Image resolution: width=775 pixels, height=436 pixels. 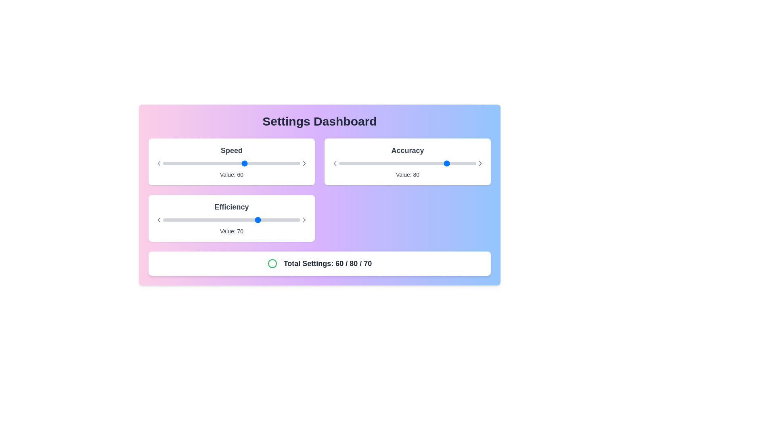 I want to click on the accuracy slider, so click(x=339, y=163).